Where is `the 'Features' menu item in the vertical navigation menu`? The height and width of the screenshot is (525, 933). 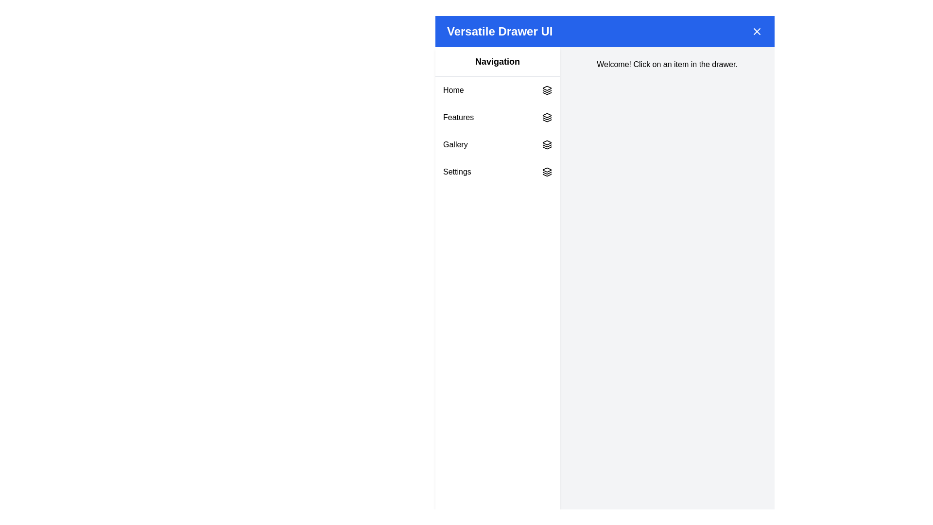 the 'Features' menu item in the vertical navigation menu is located at coordinates (497, 117).